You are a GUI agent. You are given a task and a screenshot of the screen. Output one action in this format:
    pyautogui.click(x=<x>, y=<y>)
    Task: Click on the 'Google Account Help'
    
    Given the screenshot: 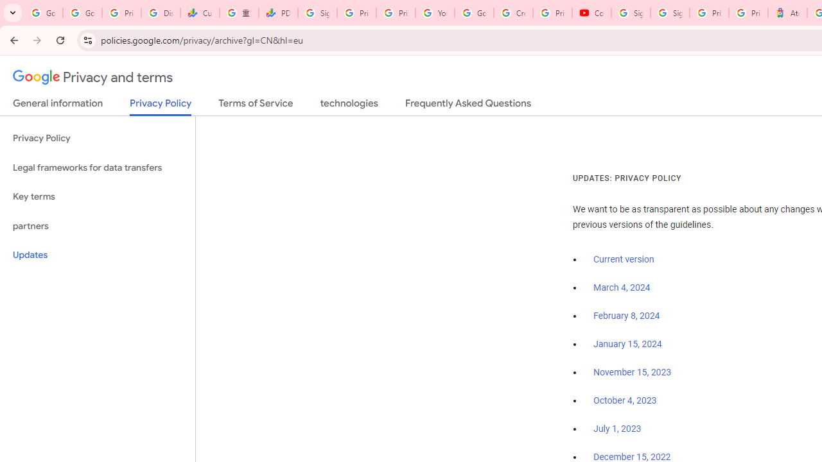 What is the action you would take?
    pyautogui.click(x=473, y=13)
    